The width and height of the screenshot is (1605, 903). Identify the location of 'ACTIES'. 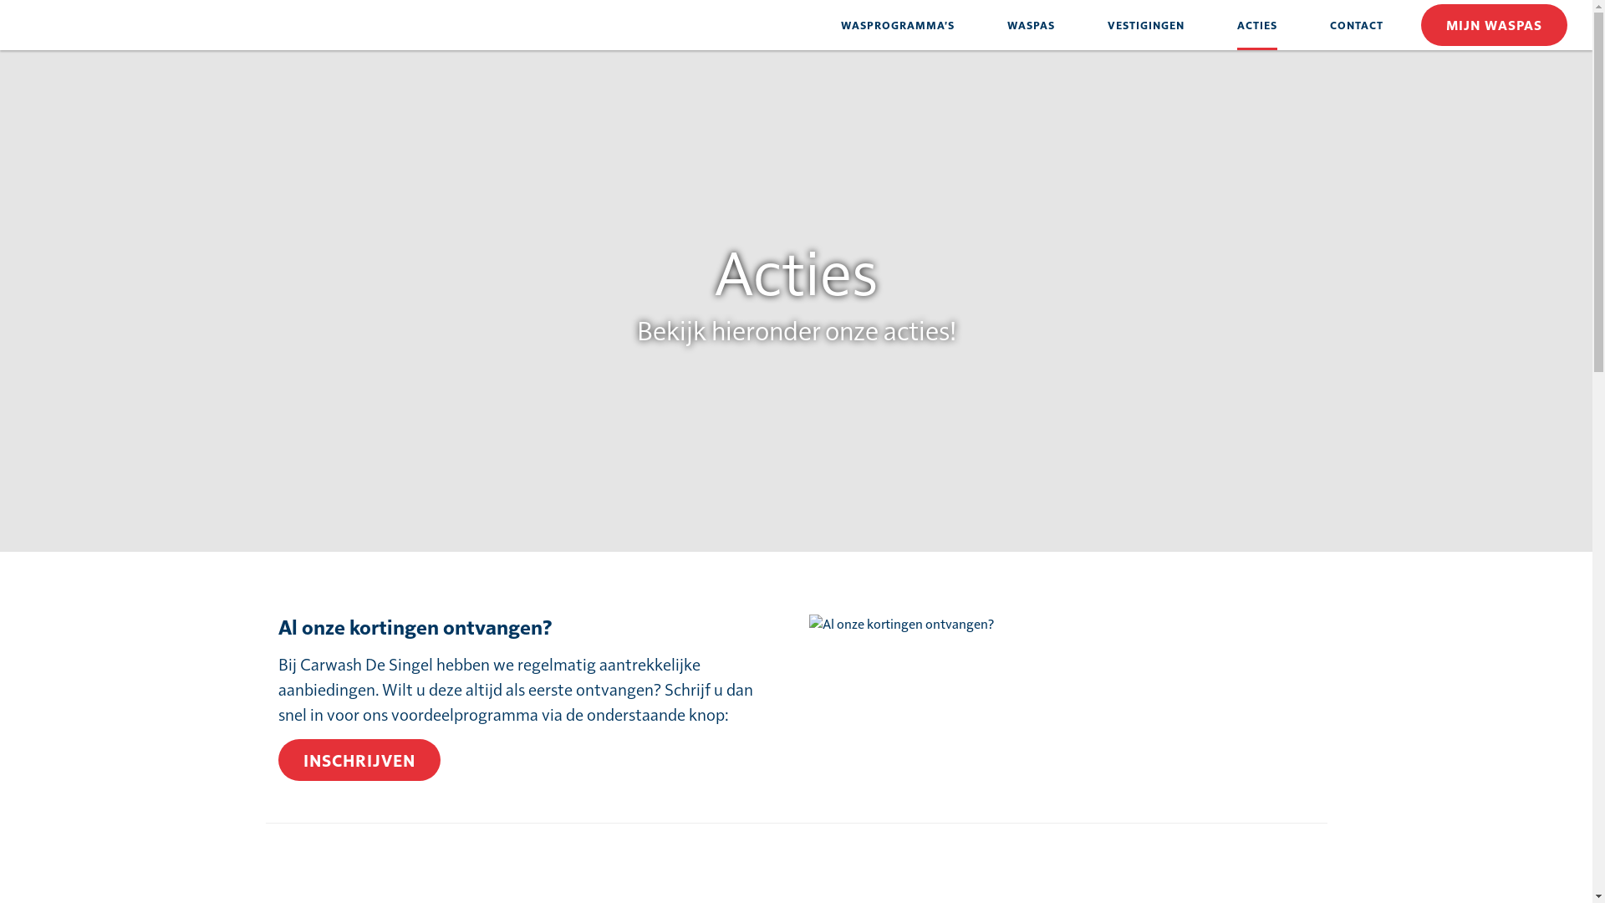
(1211, 25).